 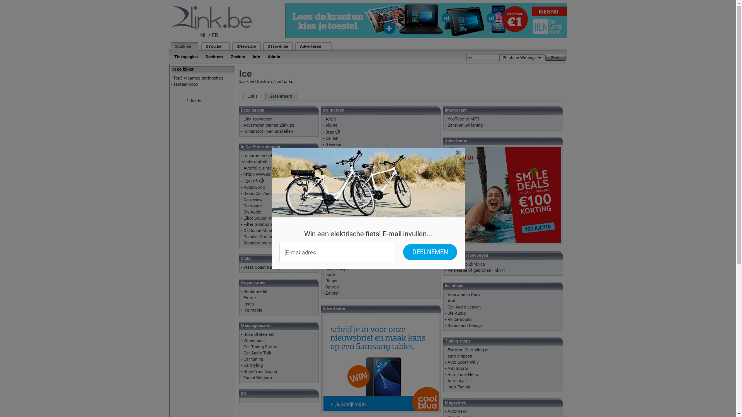 What do you see at coordinates (333, 144) in the screenshot?
I see `'Genesis'` at bounding box center [333, 144].